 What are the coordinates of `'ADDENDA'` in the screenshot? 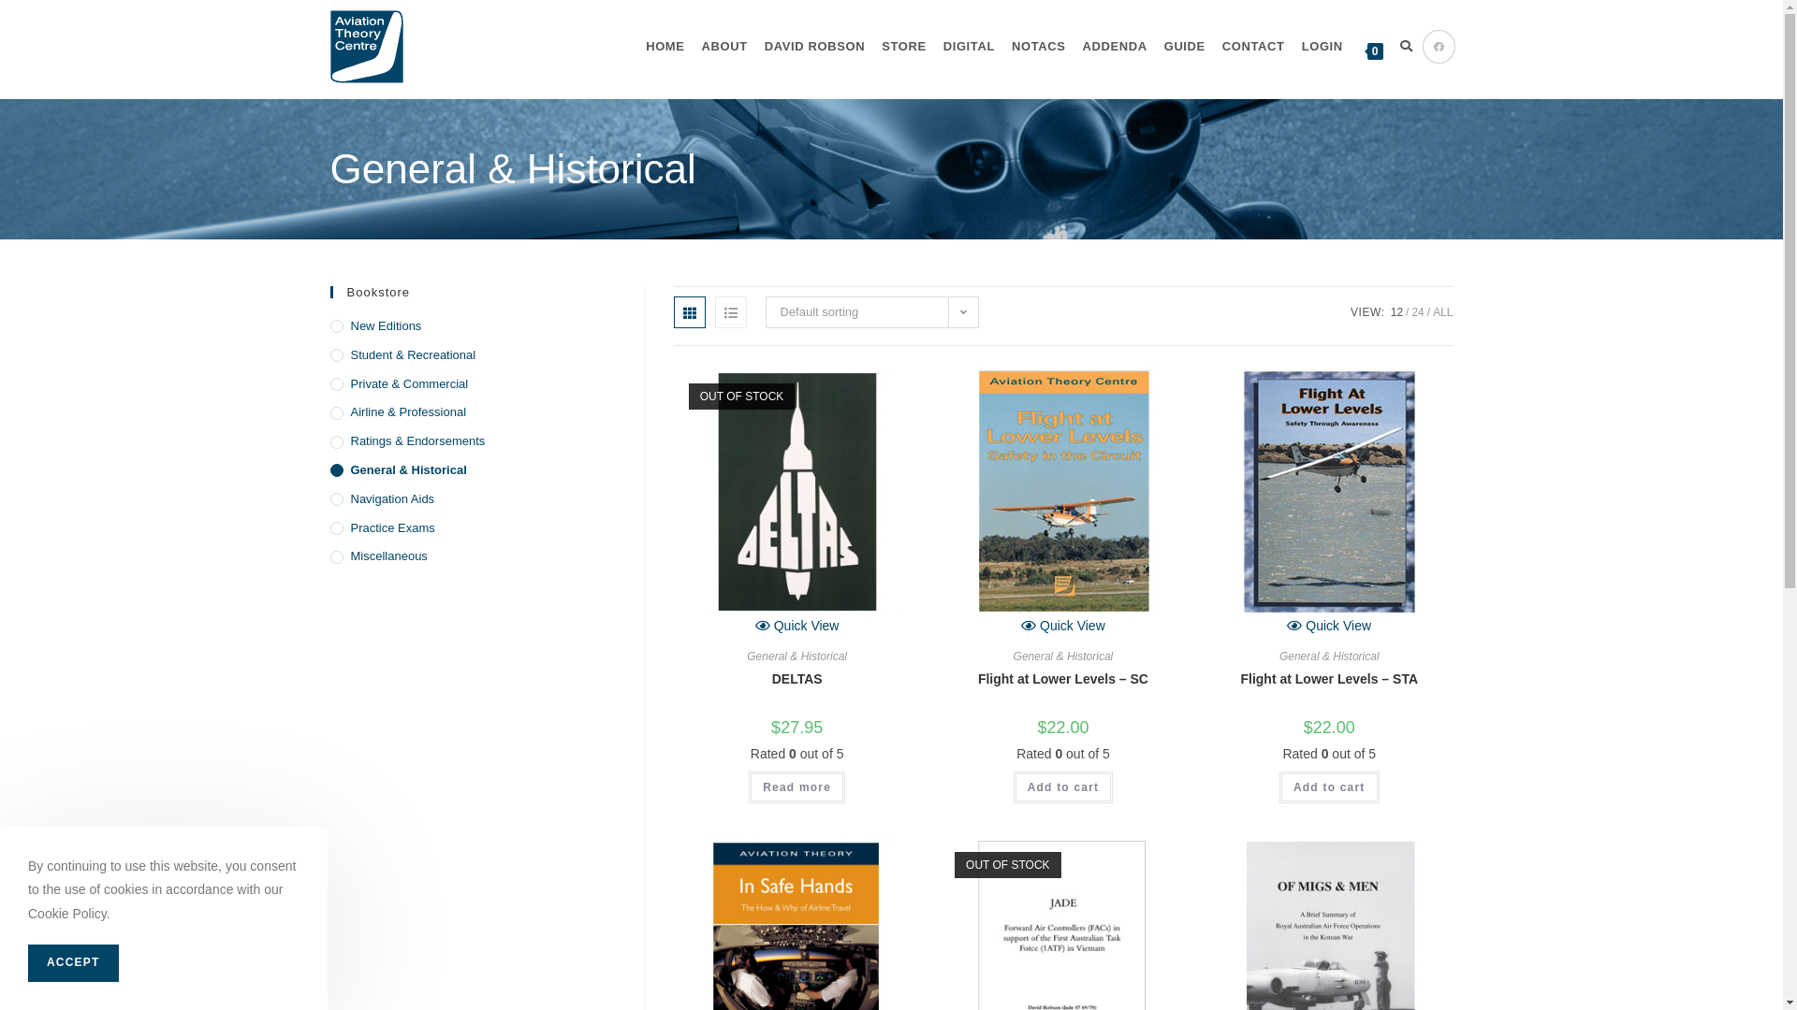 It's located at (1114, 46).